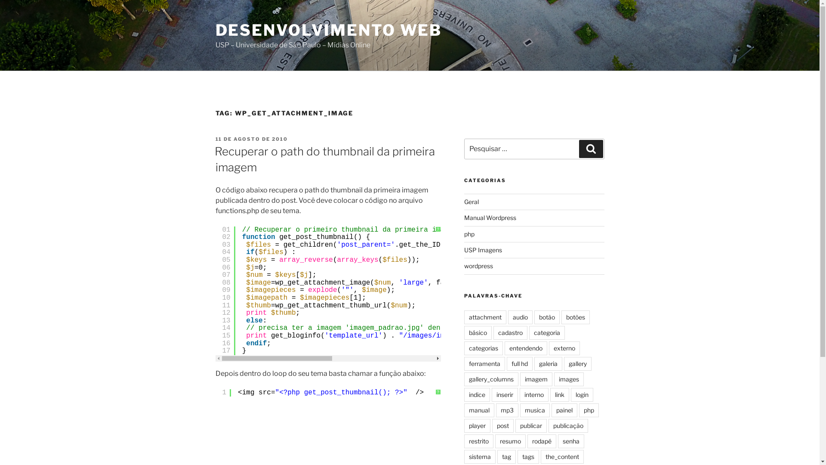 The width and height of the screenshot is (826, 465). Describe the element at coordinates (520, 409) in the screenshot. I see `'musica'` at that location.